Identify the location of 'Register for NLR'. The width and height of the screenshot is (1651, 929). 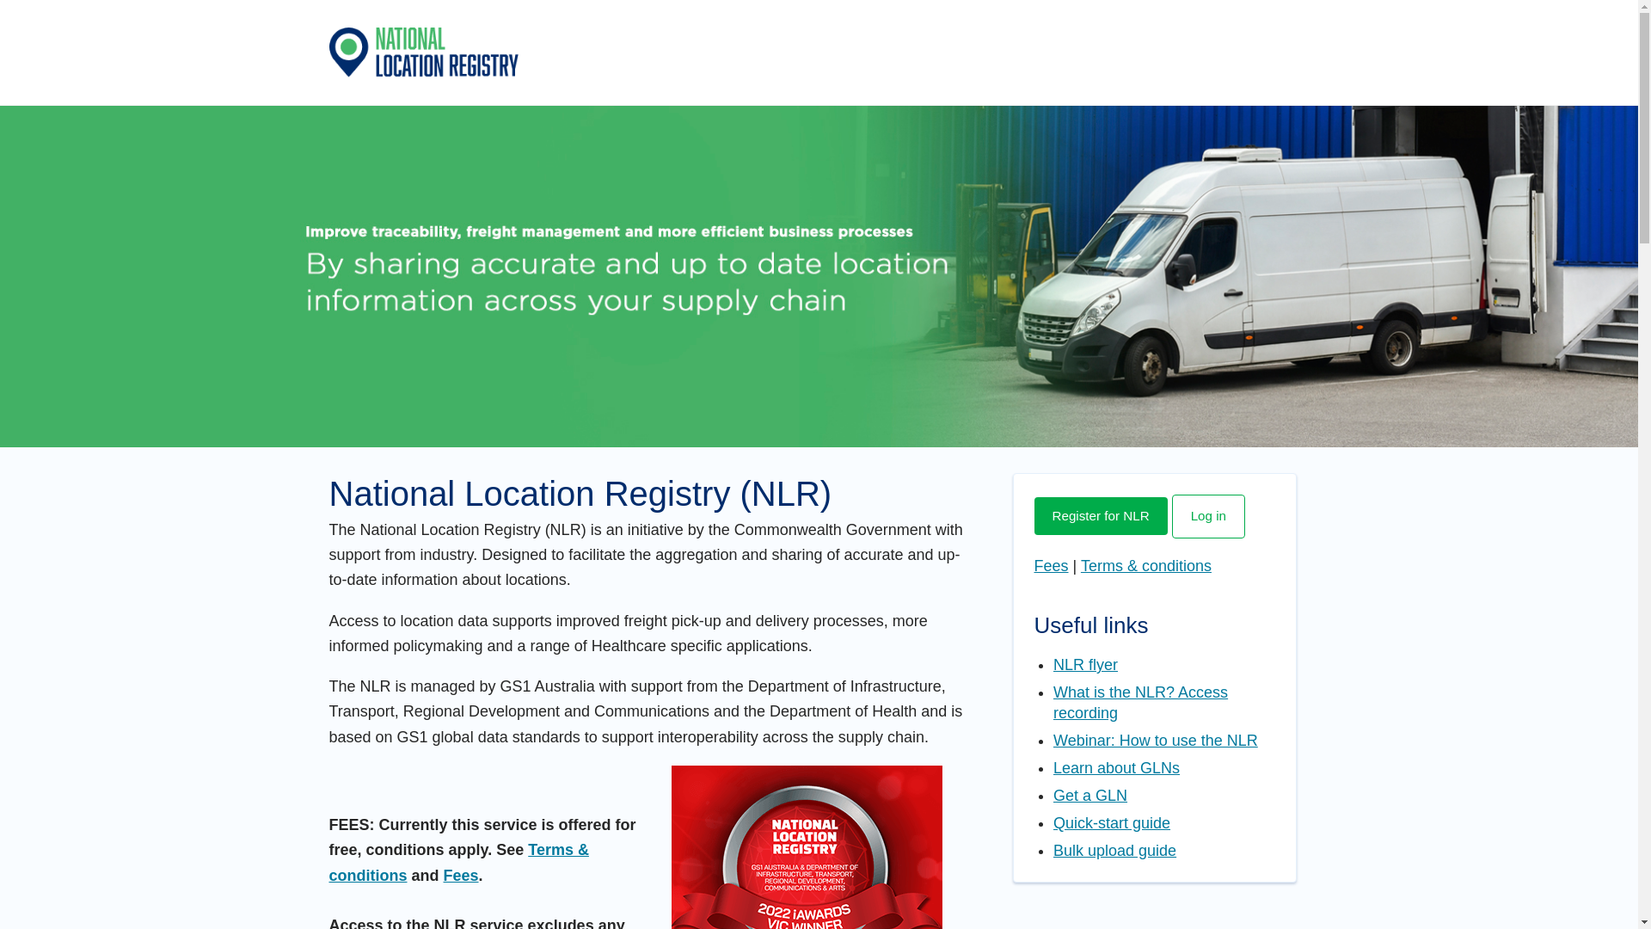
(1099, 515).